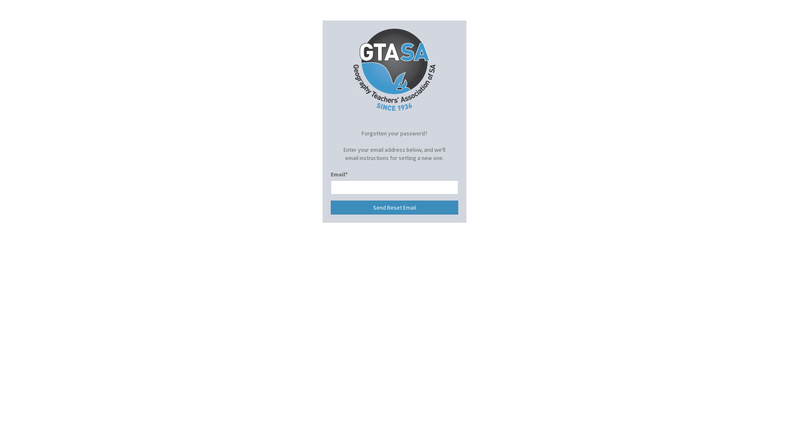 This screenshot has width=789, height=443. I want to click on 'Send Reset Email', so click(394, 207).